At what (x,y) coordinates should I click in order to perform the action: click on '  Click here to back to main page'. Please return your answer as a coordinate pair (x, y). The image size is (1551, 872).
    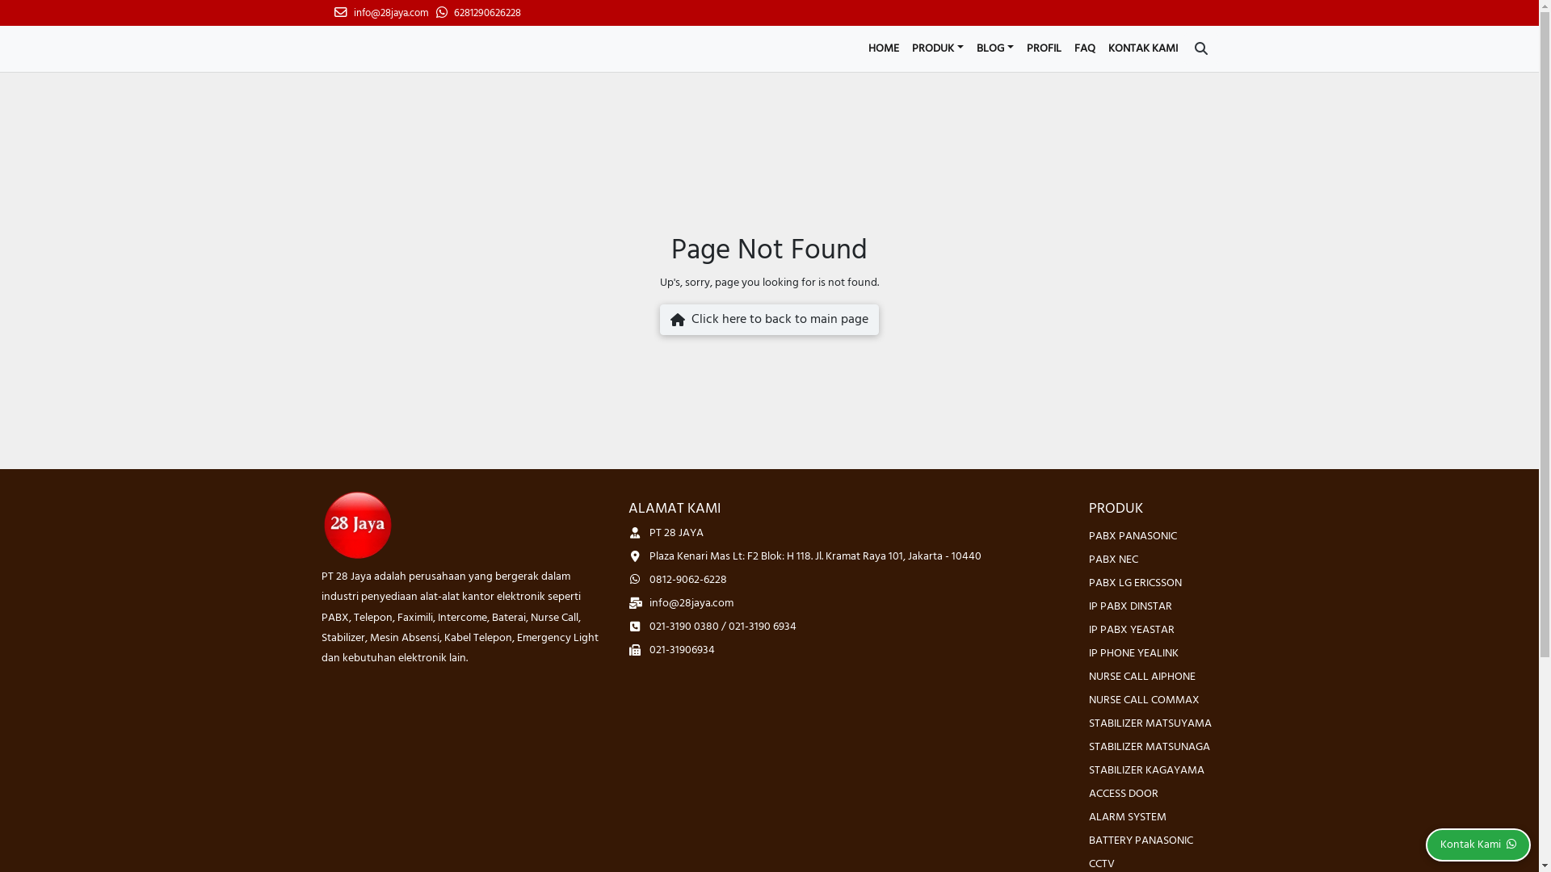
    Looking at the image, I should click on (768, 320).